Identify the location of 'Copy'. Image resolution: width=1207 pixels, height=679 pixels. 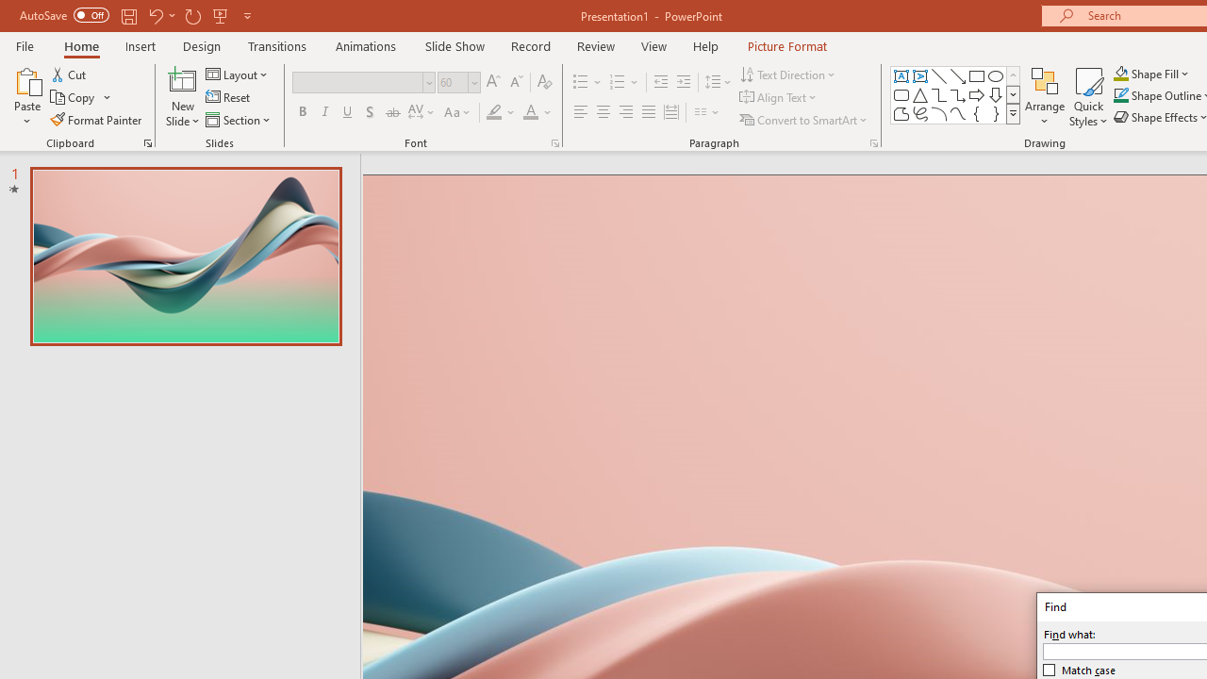
(80, 97).